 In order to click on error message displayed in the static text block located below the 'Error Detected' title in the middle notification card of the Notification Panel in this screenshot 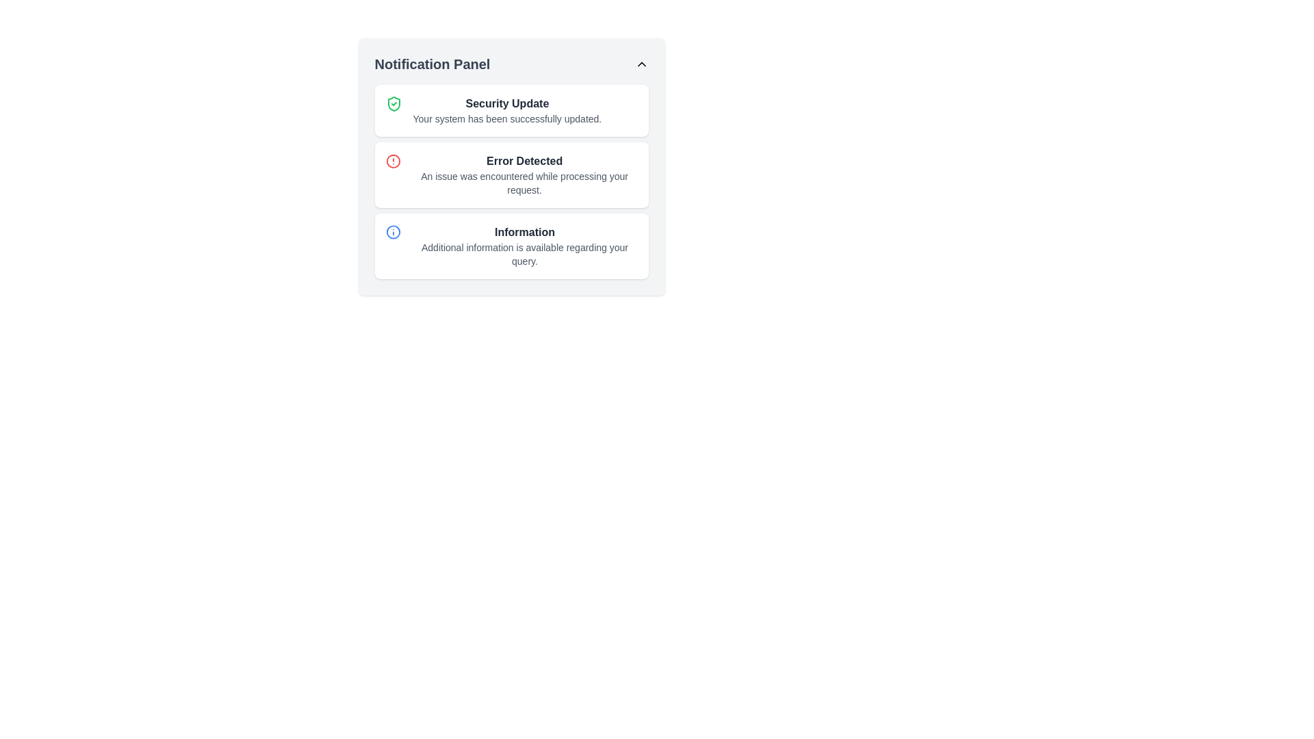, I will do `click(524, 182)`.